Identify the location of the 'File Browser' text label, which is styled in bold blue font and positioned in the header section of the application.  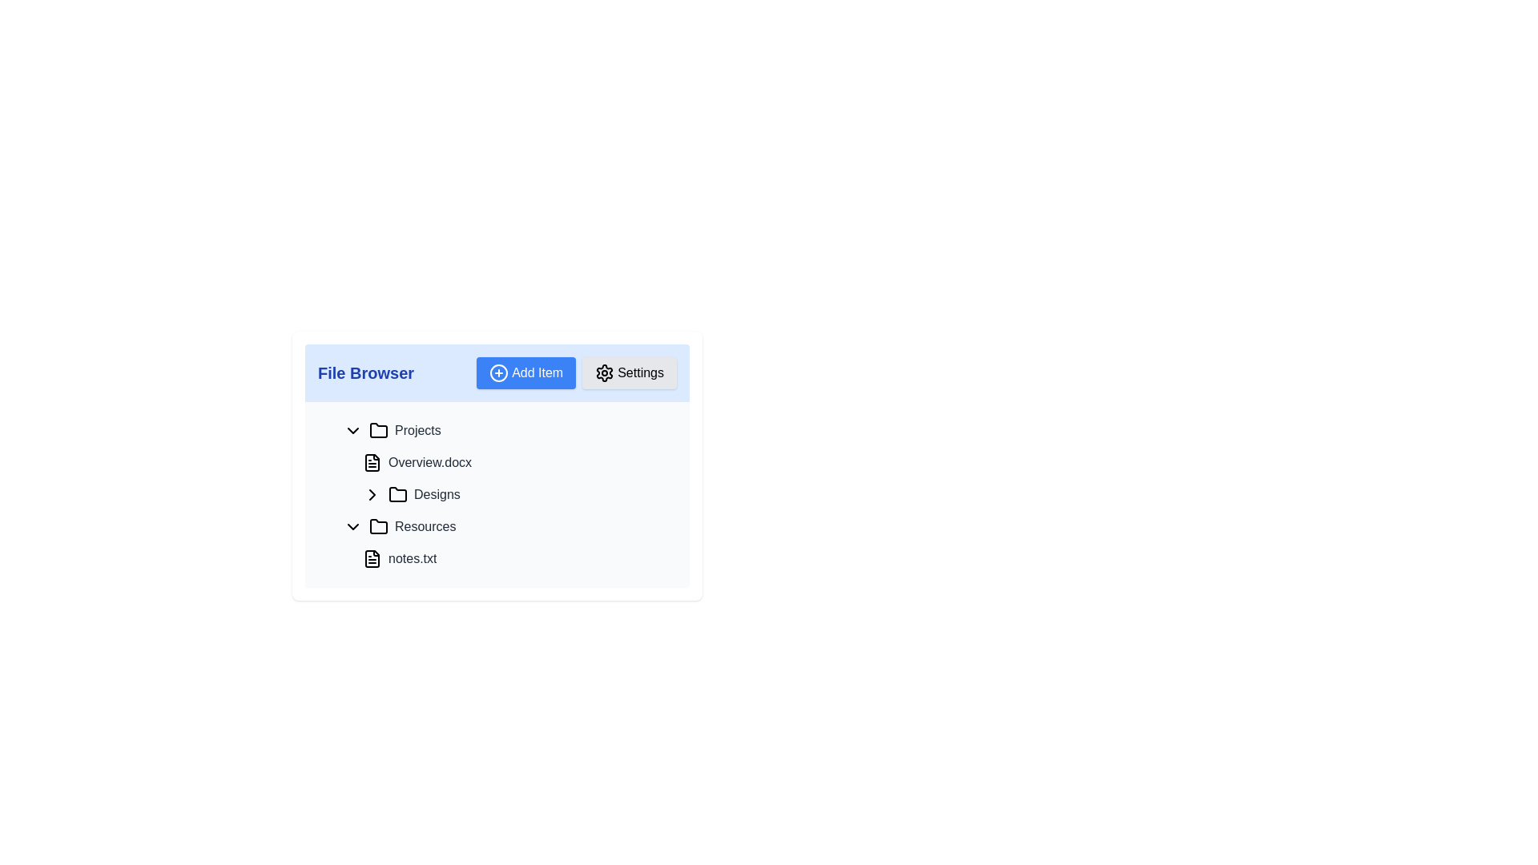
(364, 373).